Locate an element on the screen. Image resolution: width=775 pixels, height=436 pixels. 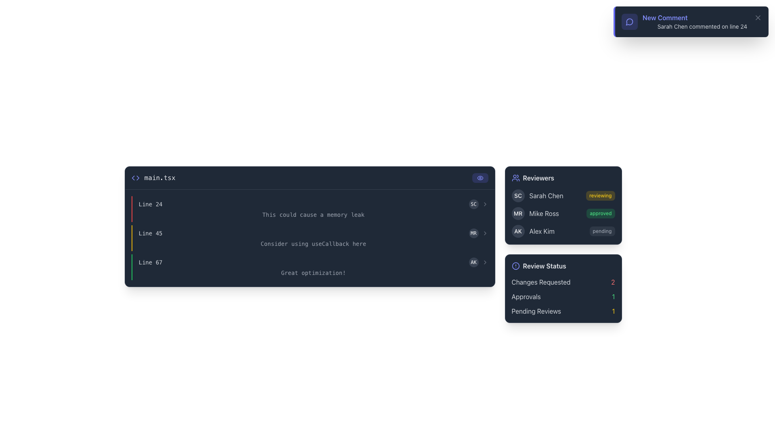
the Text label that displays the count of change requests, located to the right of the 'Changes Requested' text in the 'Review Status' panel at the bottom-right area of the interface is located at coordinates (613, 281).